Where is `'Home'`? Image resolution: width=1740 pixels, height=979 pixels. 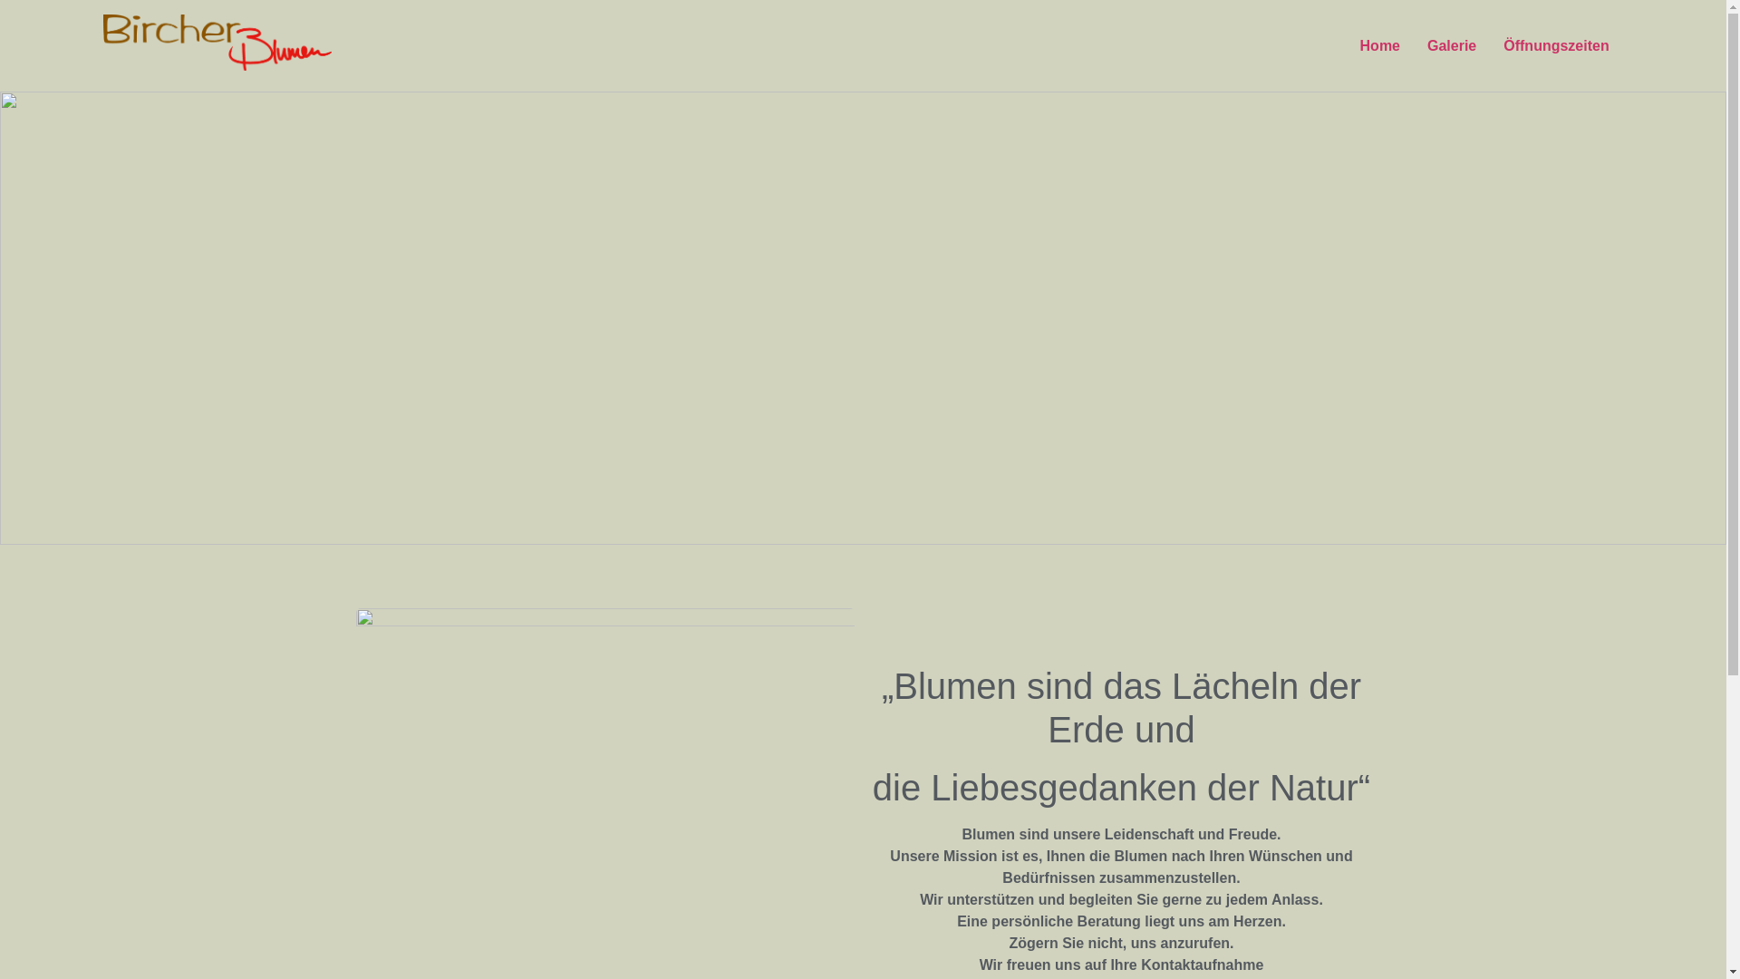 'Home' is located at coordinates (1378, 44).